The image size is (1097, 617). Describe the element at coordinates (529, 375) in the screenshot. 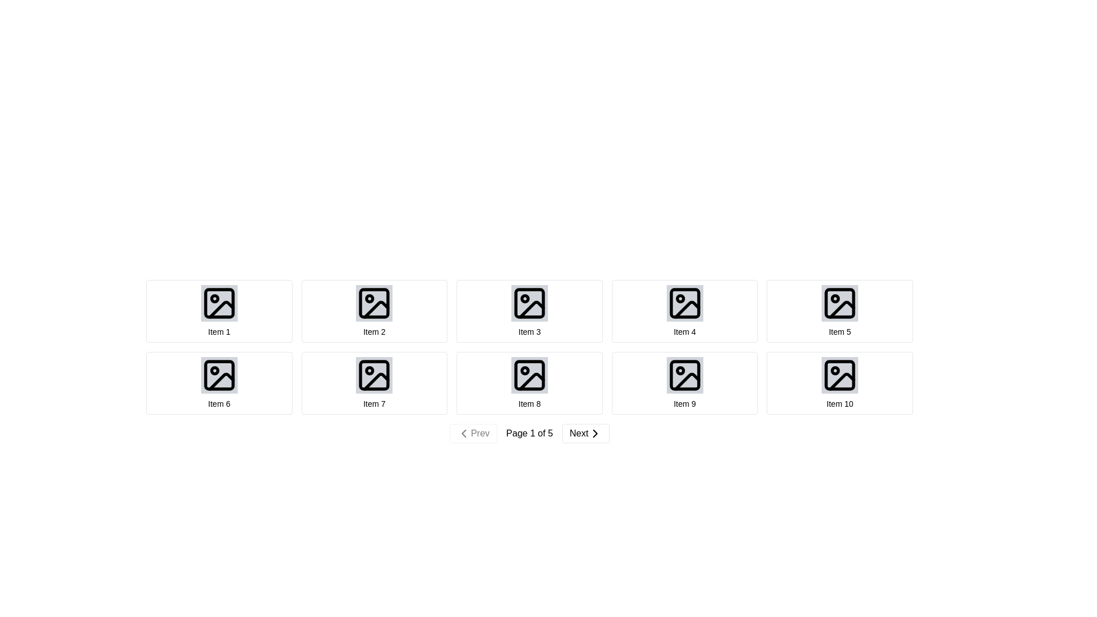

I see `the graphical icon located within the 'Item 8' block, which is the fourth element in a grid listing` at that location.